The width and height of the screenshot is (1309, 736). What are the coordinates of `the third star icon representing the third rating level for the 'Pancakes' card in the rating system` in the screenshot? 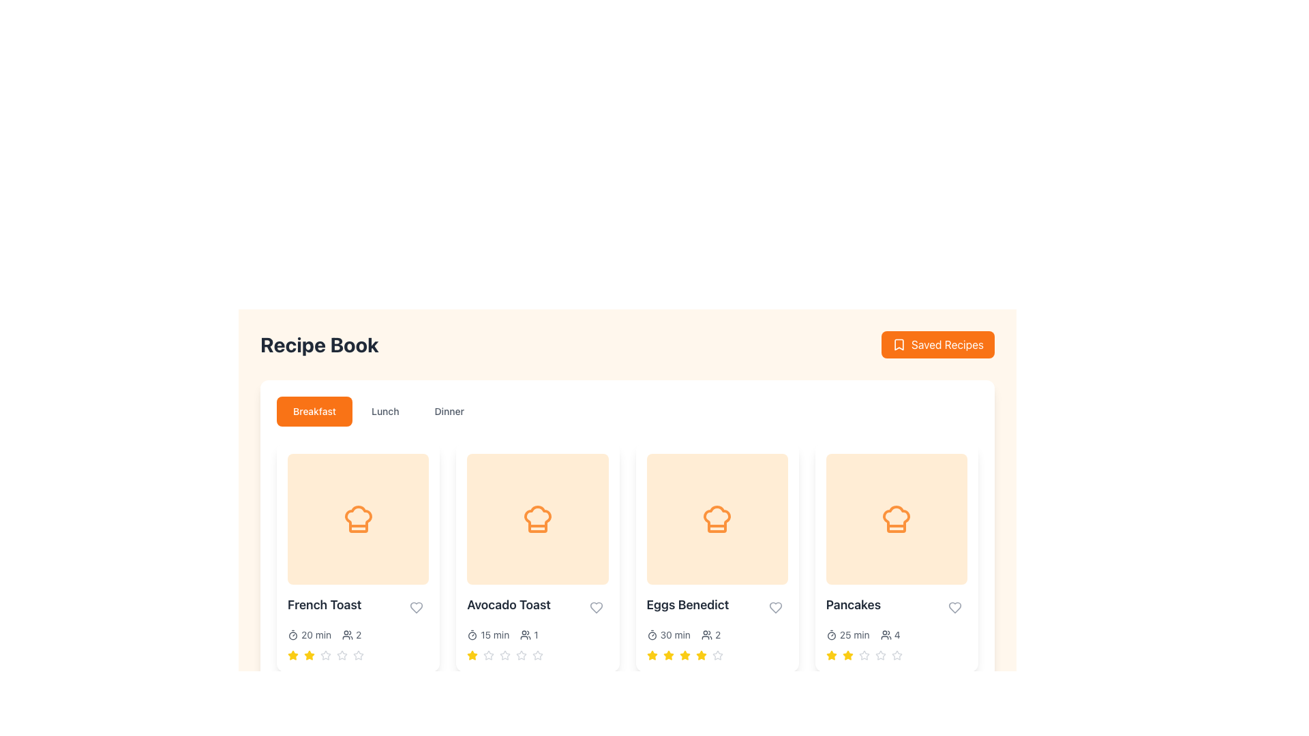 It's located at (847, 654).